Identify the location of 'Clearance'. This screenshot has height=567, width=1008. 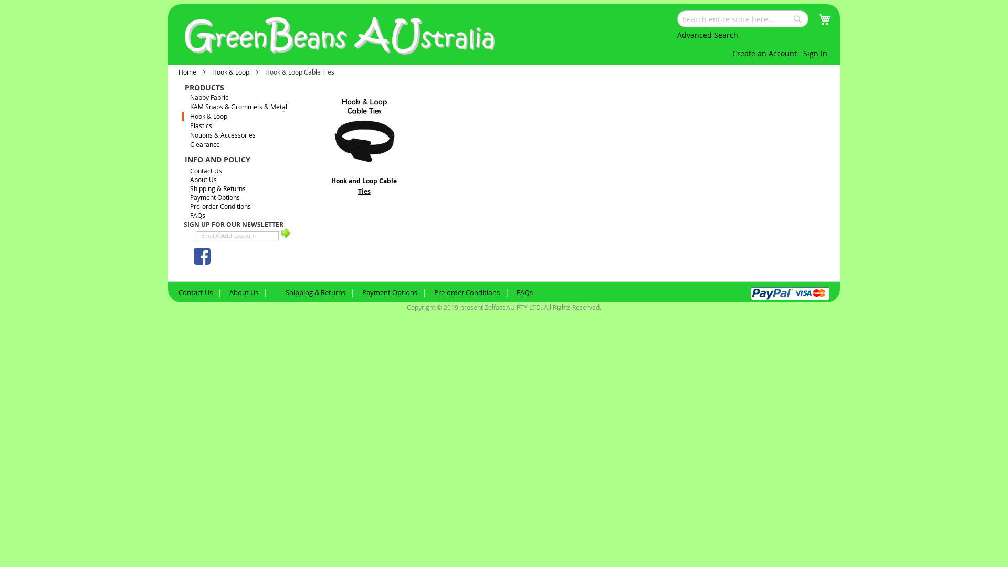
(202, 147).